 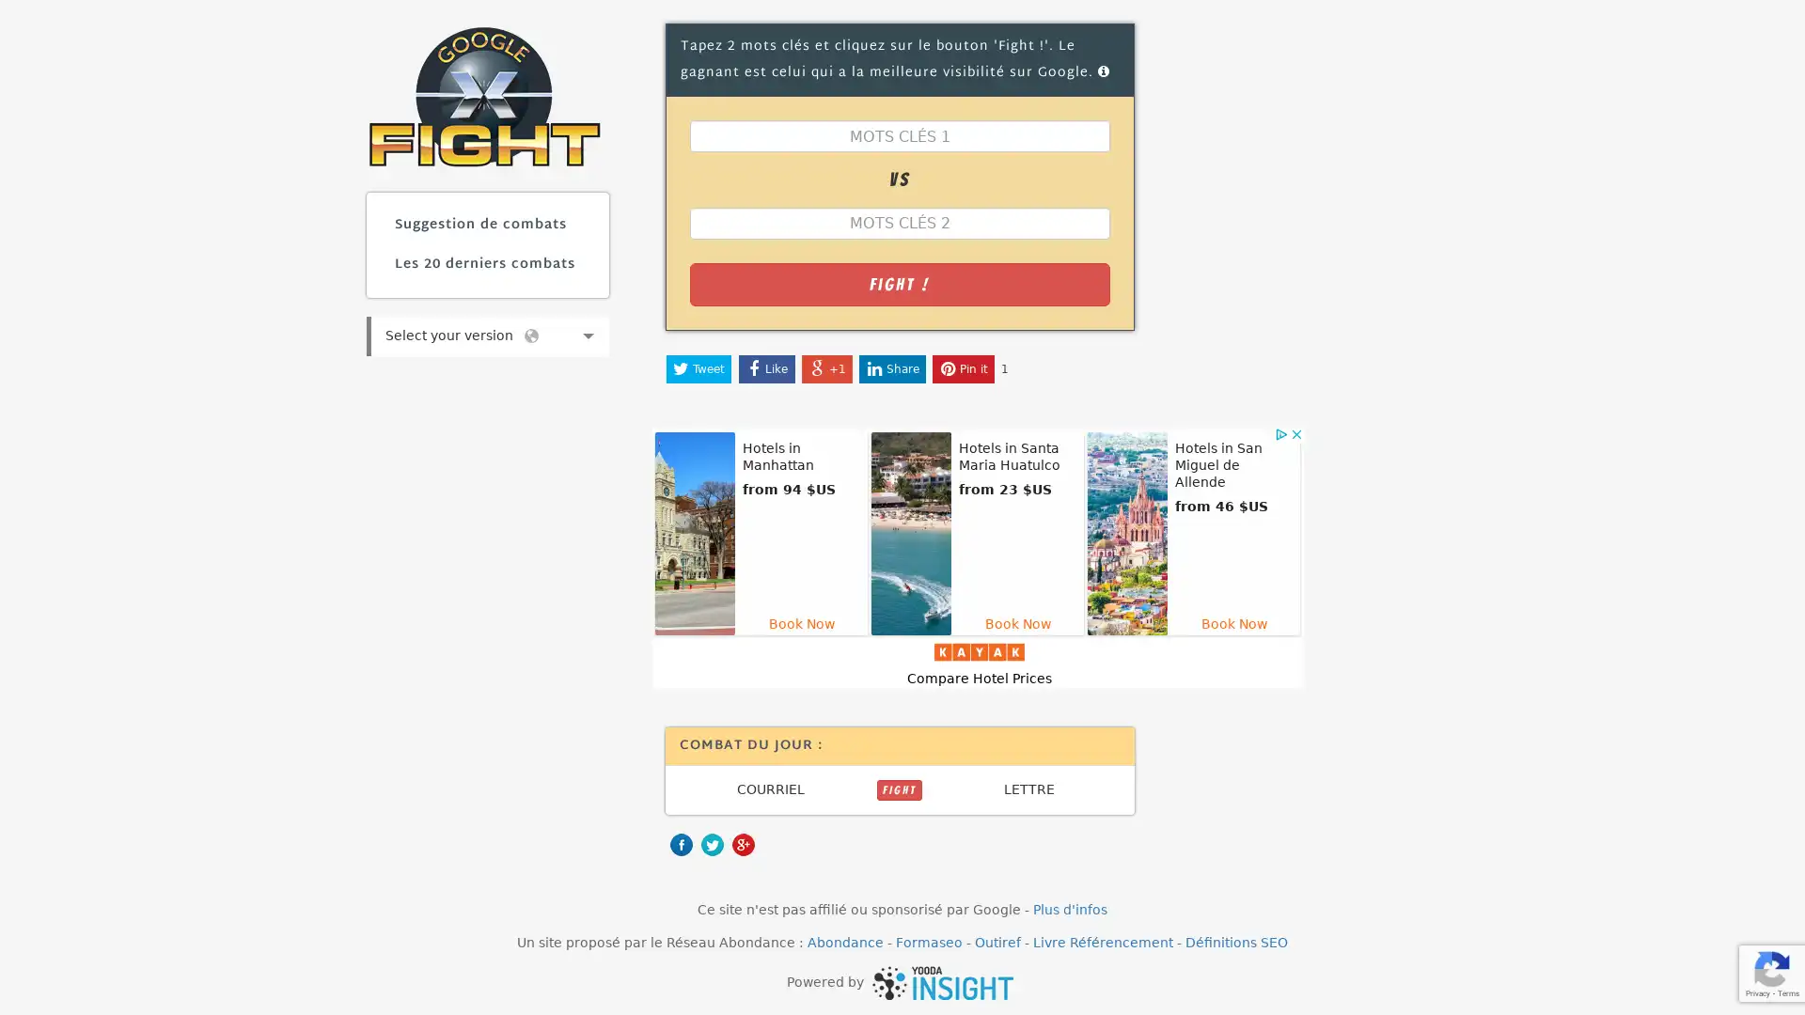 I want to click on FIGHT, so click(x=898, y=789).